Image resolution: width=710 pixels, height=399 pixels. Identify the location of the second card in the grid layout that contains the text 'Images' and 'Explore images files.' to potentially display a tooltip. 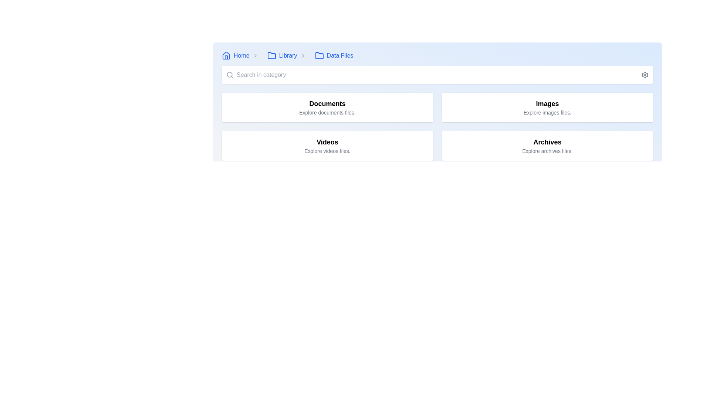
(547, 107).